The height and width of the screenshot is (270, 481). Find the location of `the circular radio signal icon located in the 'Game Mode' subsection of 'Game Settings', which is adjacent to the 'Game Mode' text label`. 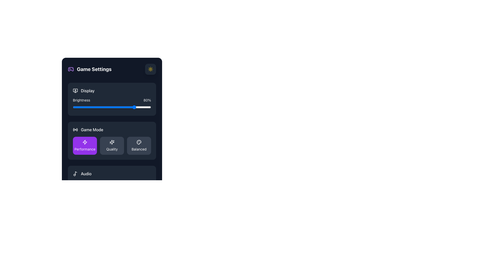

the circular radio signal icon located in the 'Game Mode' subsection of 'Game Settings', which is adjacent to the 'Game Mode' text label is located at coordinates (75, 129).